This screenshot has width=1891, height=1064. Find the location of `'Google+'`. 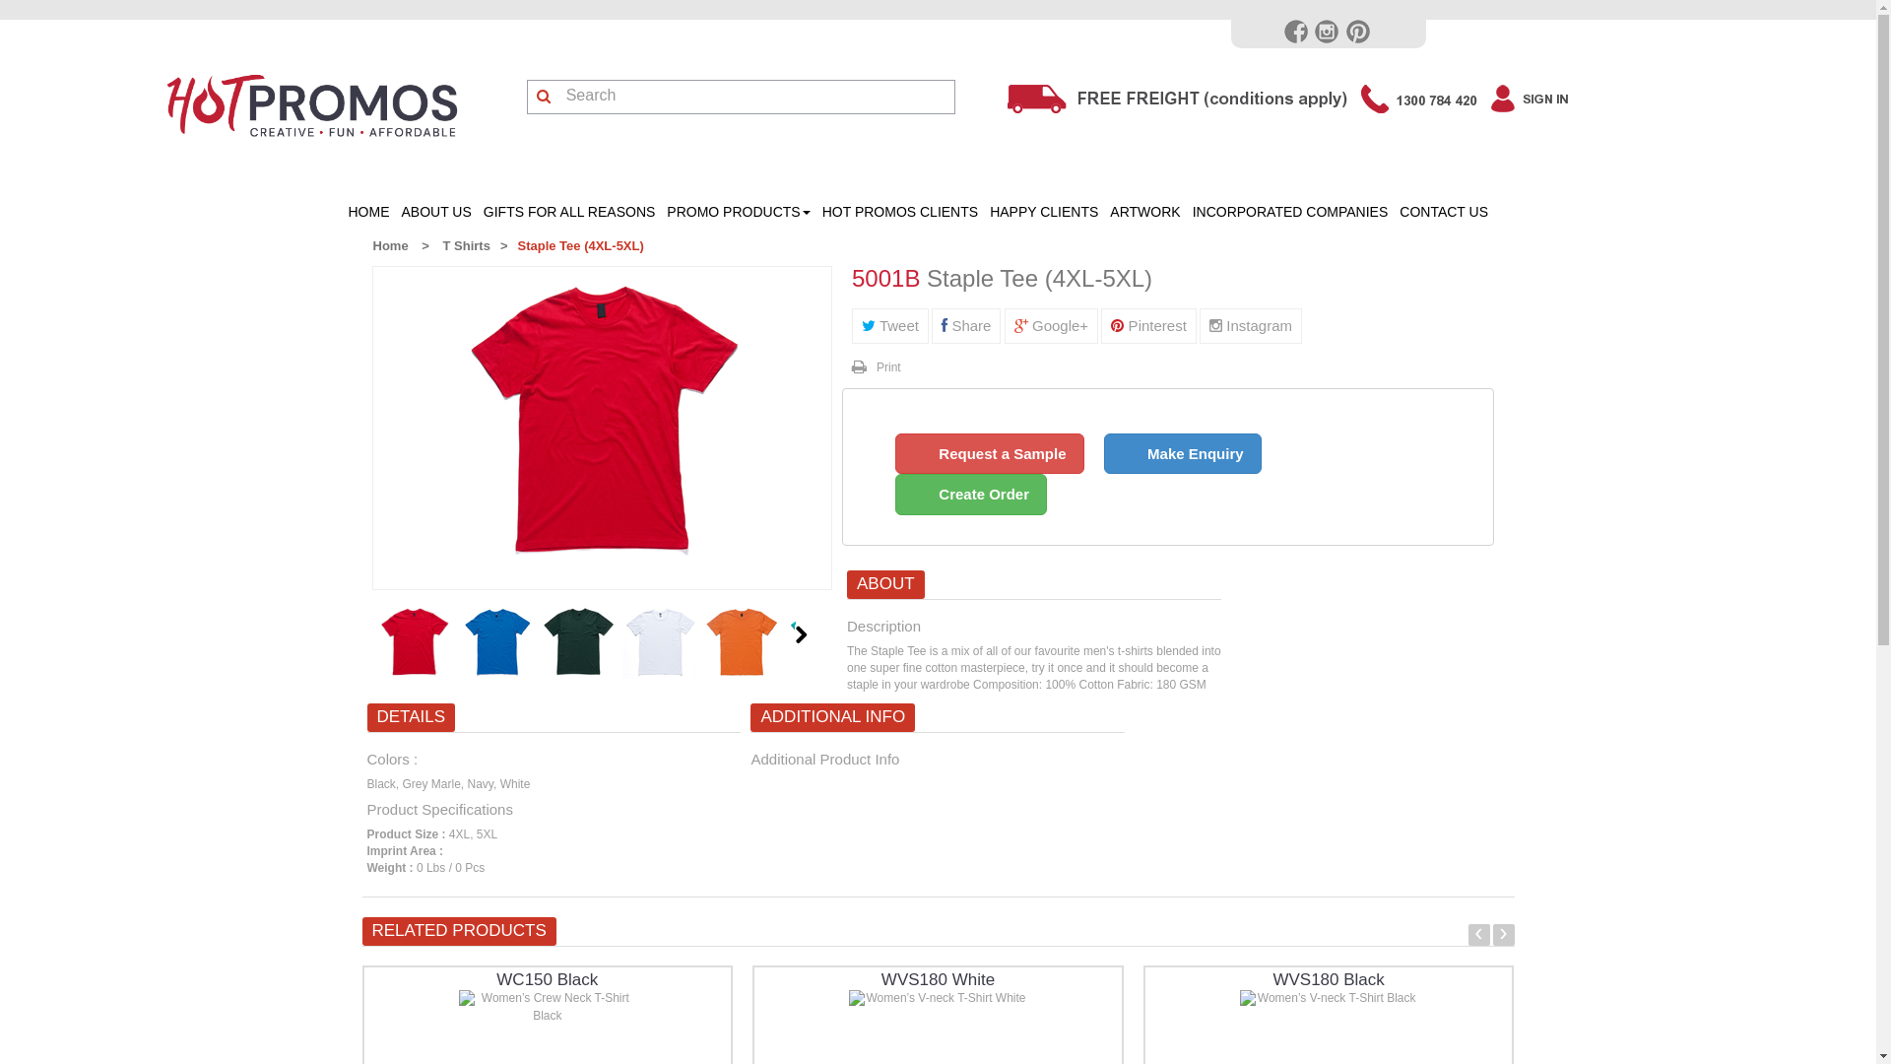

'Google+' is located at coordinates (1050, 324).